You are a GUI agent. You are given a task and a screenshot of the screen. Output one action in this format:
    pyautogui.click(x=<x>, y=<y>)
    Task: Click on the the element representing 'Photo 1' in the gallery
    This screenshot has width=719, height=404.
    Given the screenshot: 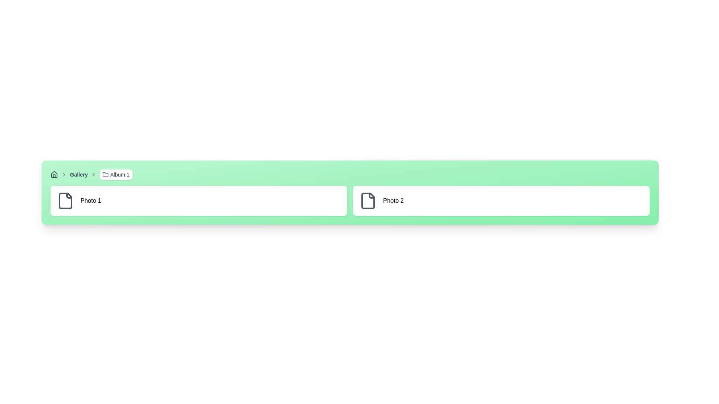 What is the action you would take?
    pyautogui.click(x=199, y=200)
    